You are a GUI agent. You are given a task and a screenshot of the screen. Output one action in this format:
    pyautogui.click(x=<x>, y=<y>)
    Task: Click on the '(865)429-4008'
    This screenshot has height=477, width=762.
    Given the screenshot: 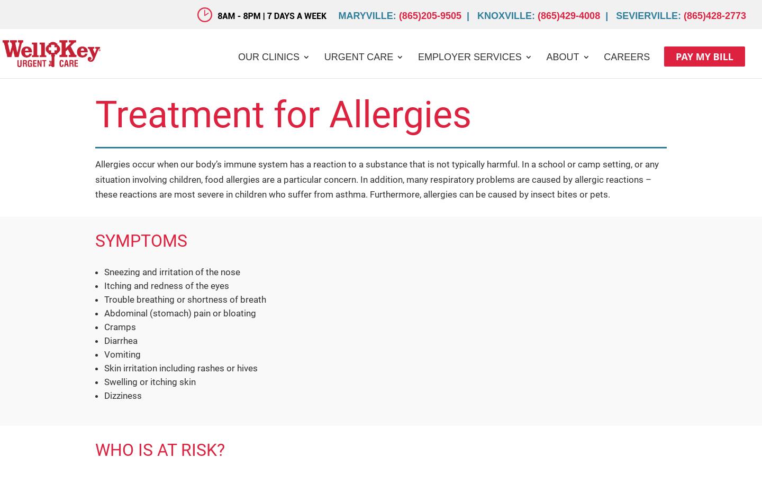 What is the action you would take?
    pyautogui.click(x=568, y=15)
    